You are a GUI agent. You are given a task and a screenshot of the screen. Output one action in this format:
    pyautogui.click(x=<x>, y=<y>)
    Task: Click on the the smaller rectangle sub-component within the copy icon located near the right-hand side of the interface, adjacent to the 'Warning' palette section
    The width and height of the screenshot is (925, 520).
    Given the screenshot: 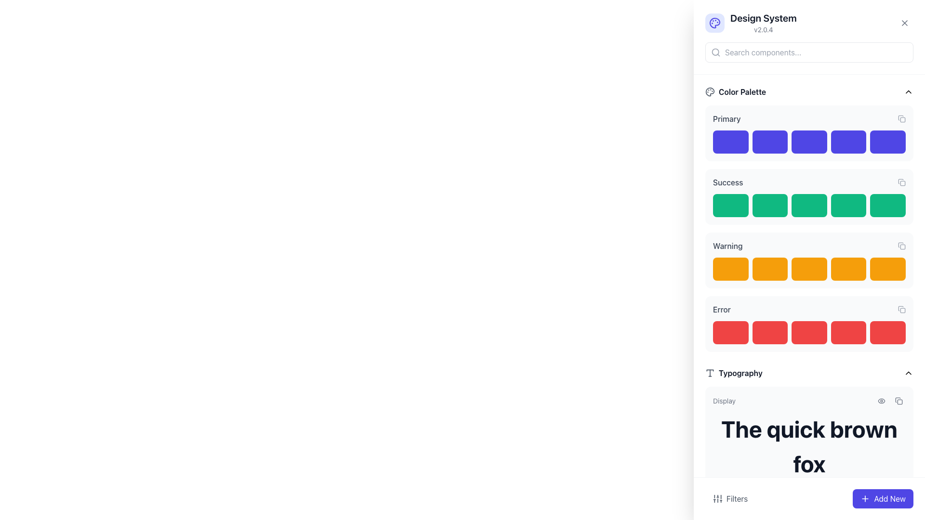 What is the action you would take?
    pyautogui.click(x=902, y=247)
    